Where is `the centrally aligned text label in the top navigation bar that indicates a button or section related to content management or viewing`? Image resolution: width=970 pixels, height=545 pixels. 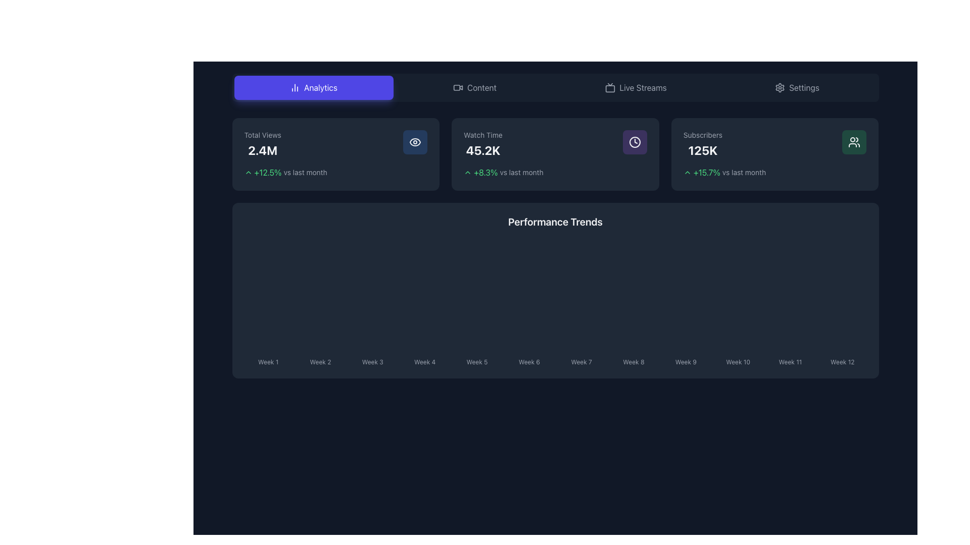 the centrally aligned text label in the top navigation bar that indicates a button or section related to content management or viewing is located at coordinates (481, 87).